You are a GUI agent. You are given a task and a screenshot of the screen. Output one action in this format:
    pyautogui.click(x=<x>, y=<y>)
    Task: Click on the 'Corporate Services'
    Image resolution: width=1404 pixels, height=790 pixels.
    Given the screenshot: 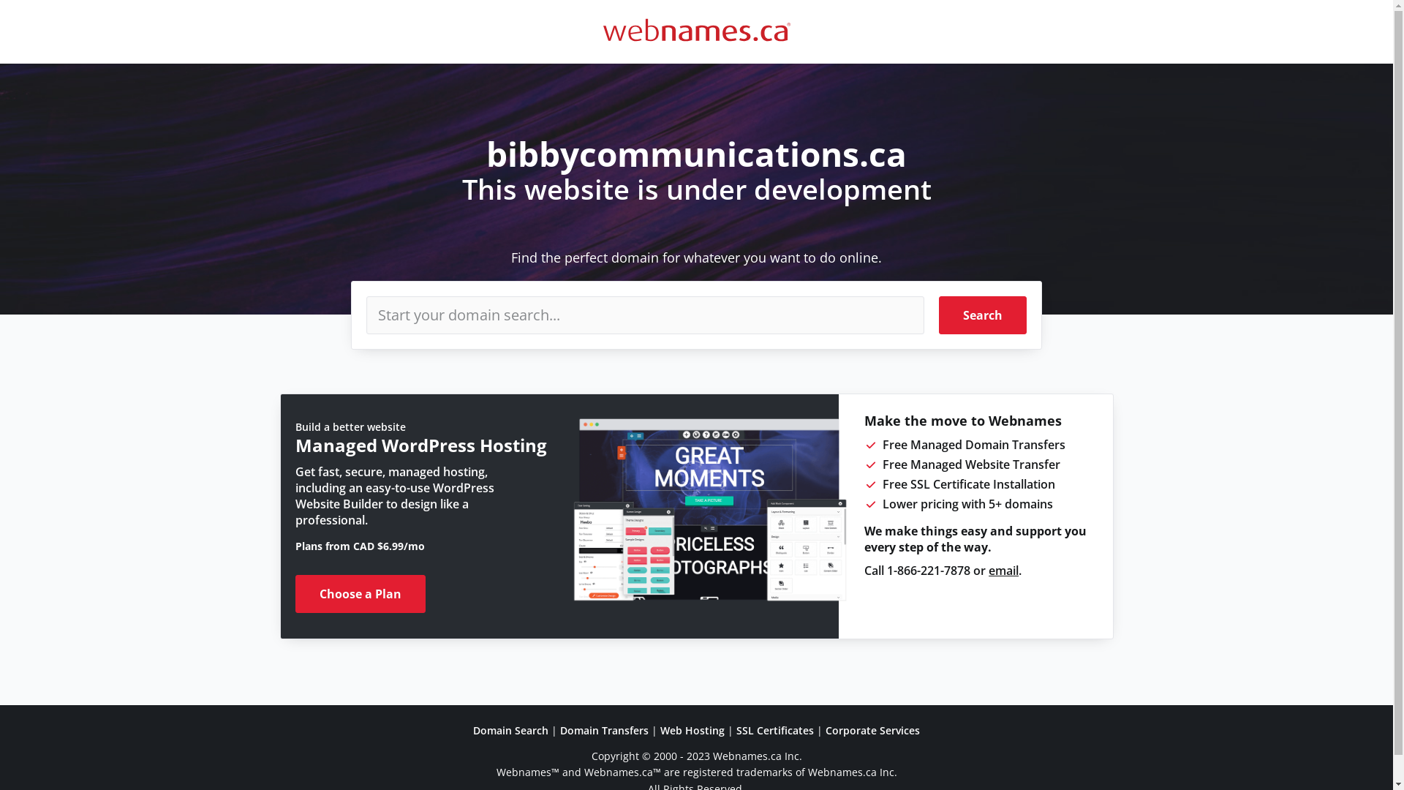 What is the action you would take?
    pyautogui.click(x=825, y=730)
    